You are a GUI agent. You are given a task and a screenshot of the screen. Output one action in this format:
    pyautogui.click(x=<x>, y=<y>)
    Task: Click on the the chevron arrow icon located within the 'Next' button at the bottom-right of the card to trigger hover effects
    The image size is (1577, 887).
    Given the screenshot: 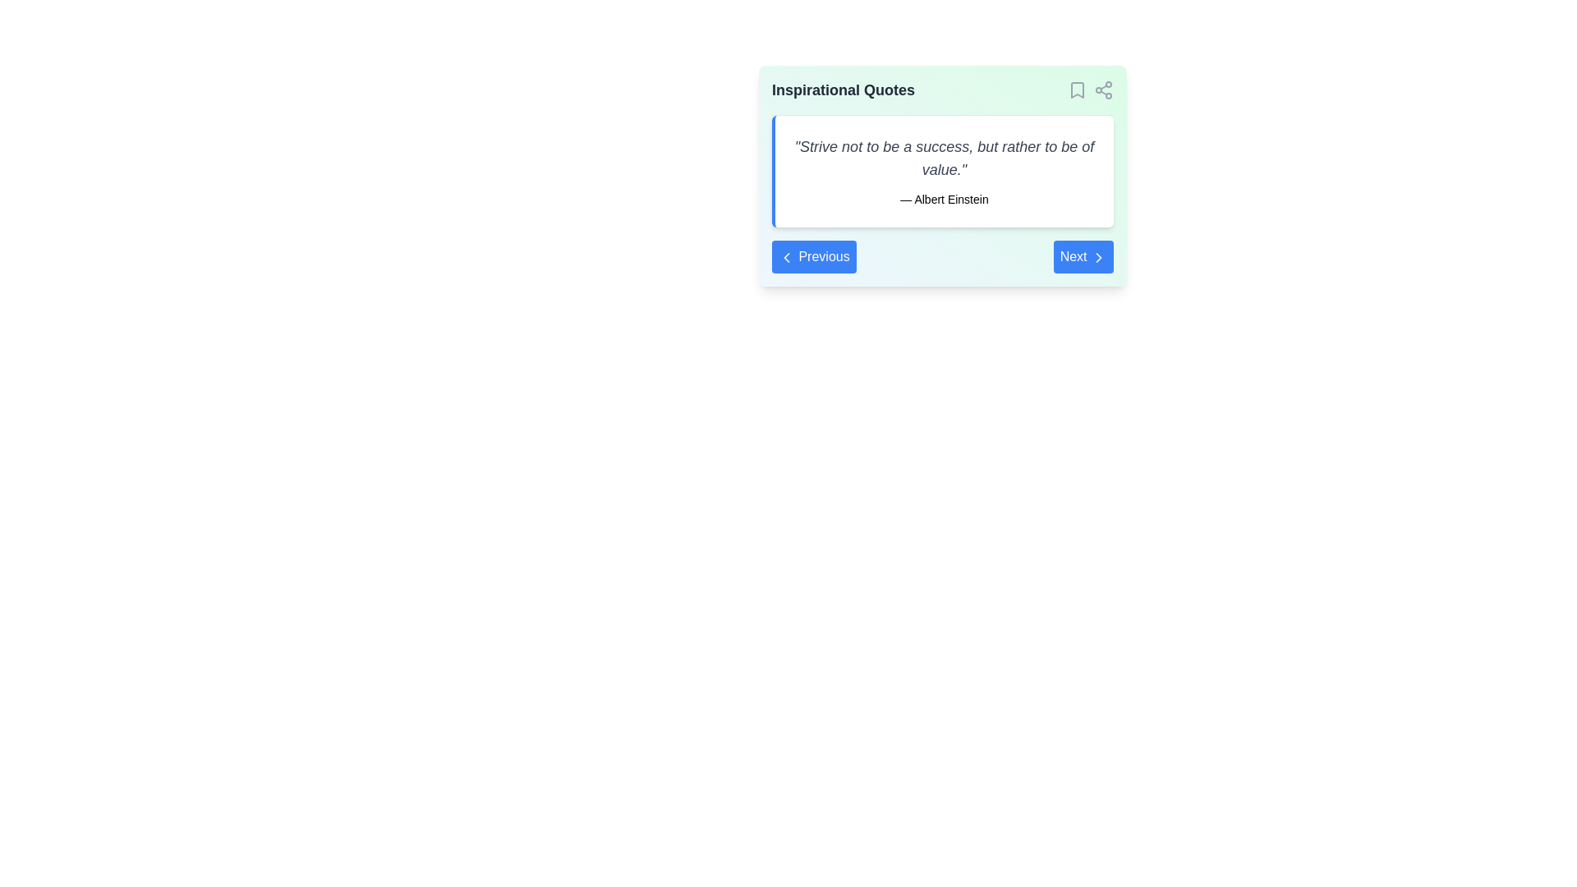 What is the action you would take?
    pyautogui.click(x=1099, y=256)
    